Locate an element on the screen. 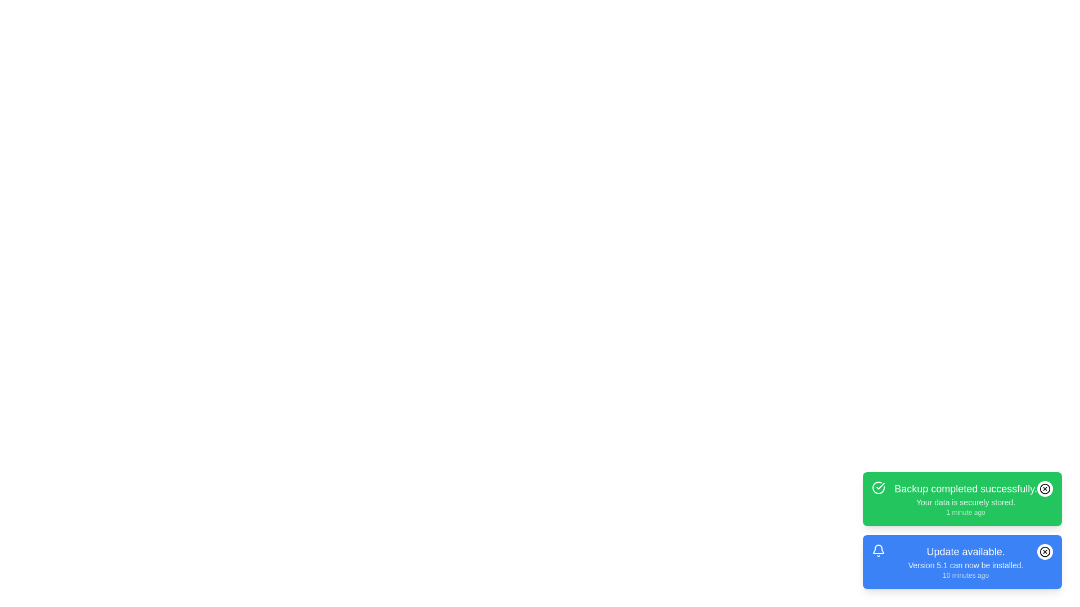 This screenshot has height=607, width=1080. close button of the notification to dismiss it is located at coordinates (1044, 488).